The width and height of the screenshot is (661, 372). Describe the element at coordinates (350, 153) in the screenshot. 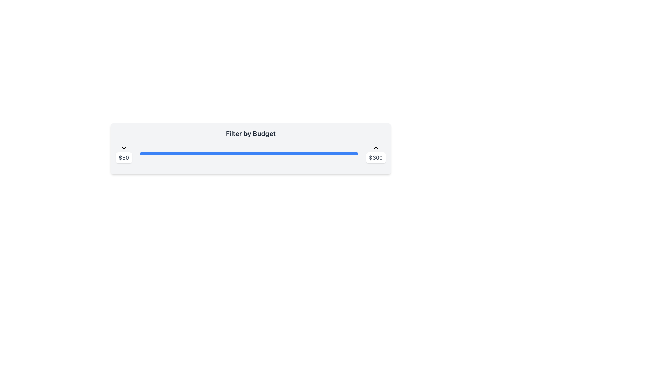

I see `the value of the slider` at that location.